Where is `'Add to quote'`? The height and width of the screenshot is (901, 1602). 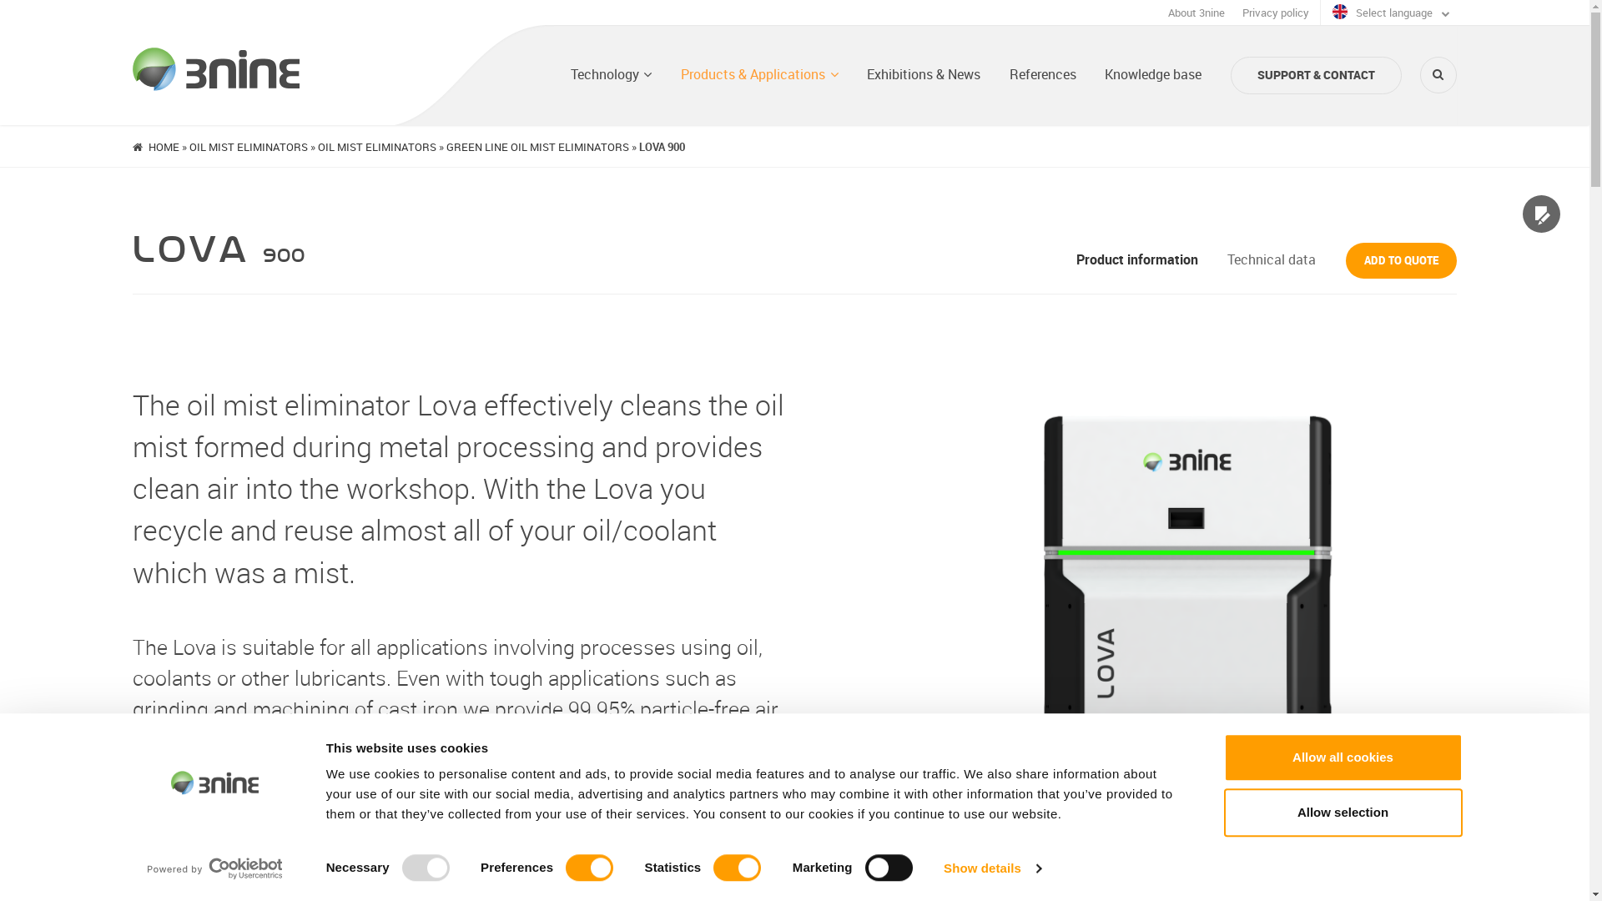 'Add to quote' is located at coordinates (1401, 260).